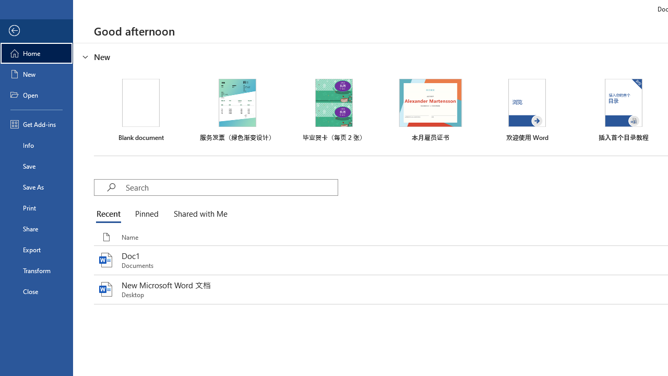  What do you see at coordinates (36, 165) in the screenshot?
I see `'Save'` at bounding box center [36, 165].